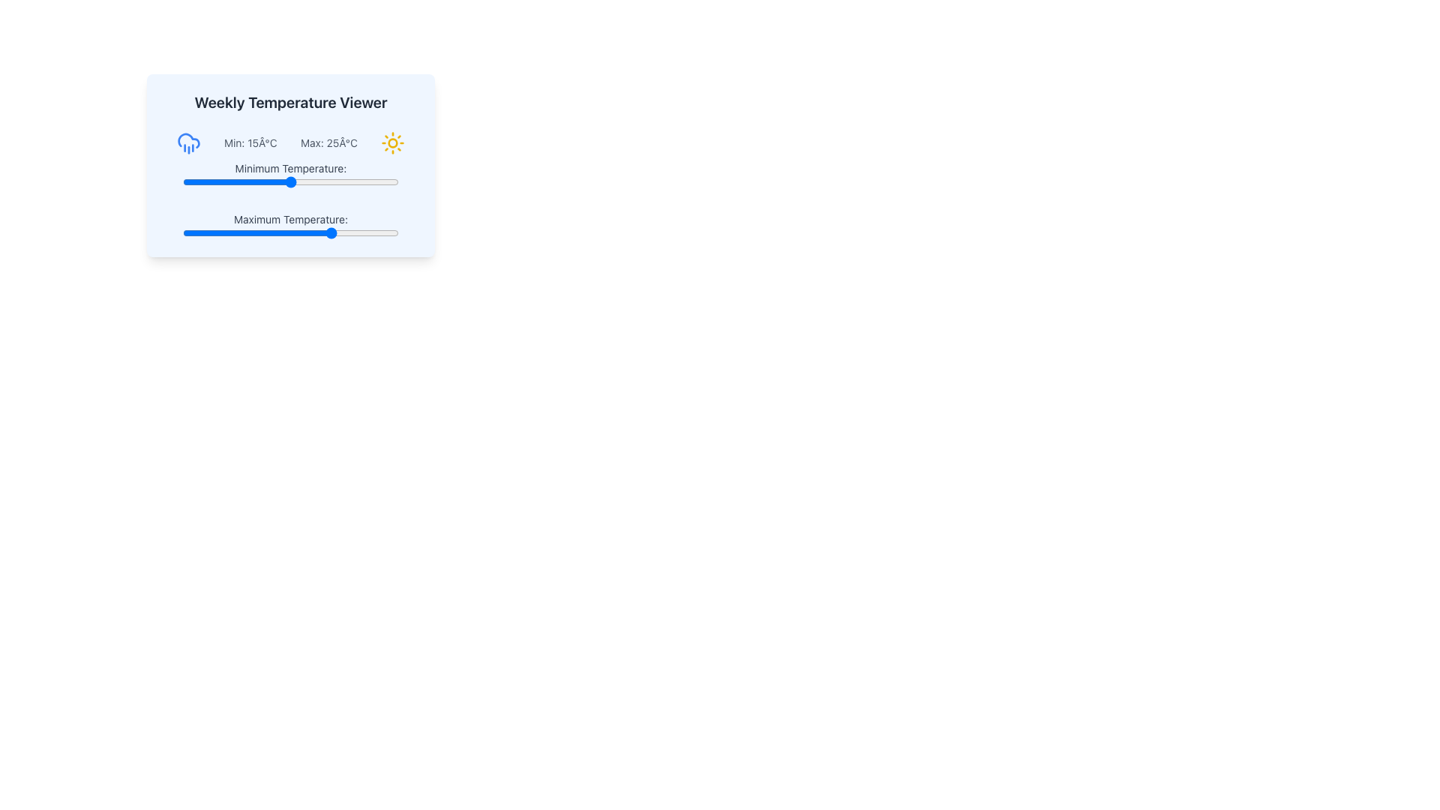  What do you see at coordinates (307, 181) in the screenshot?
I see `the minimum temperature` at bounding box center [307, 181].